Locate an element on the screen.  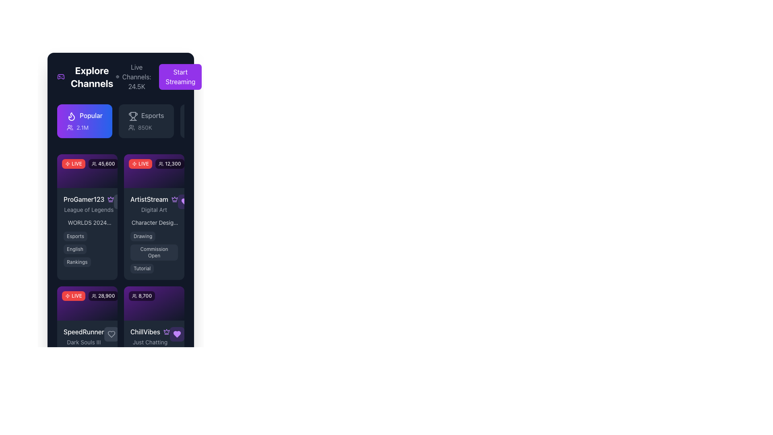
the lightning bolt icon within the red 'LIVE' badge at the top left of the card component is located at coordinates (68, 164).